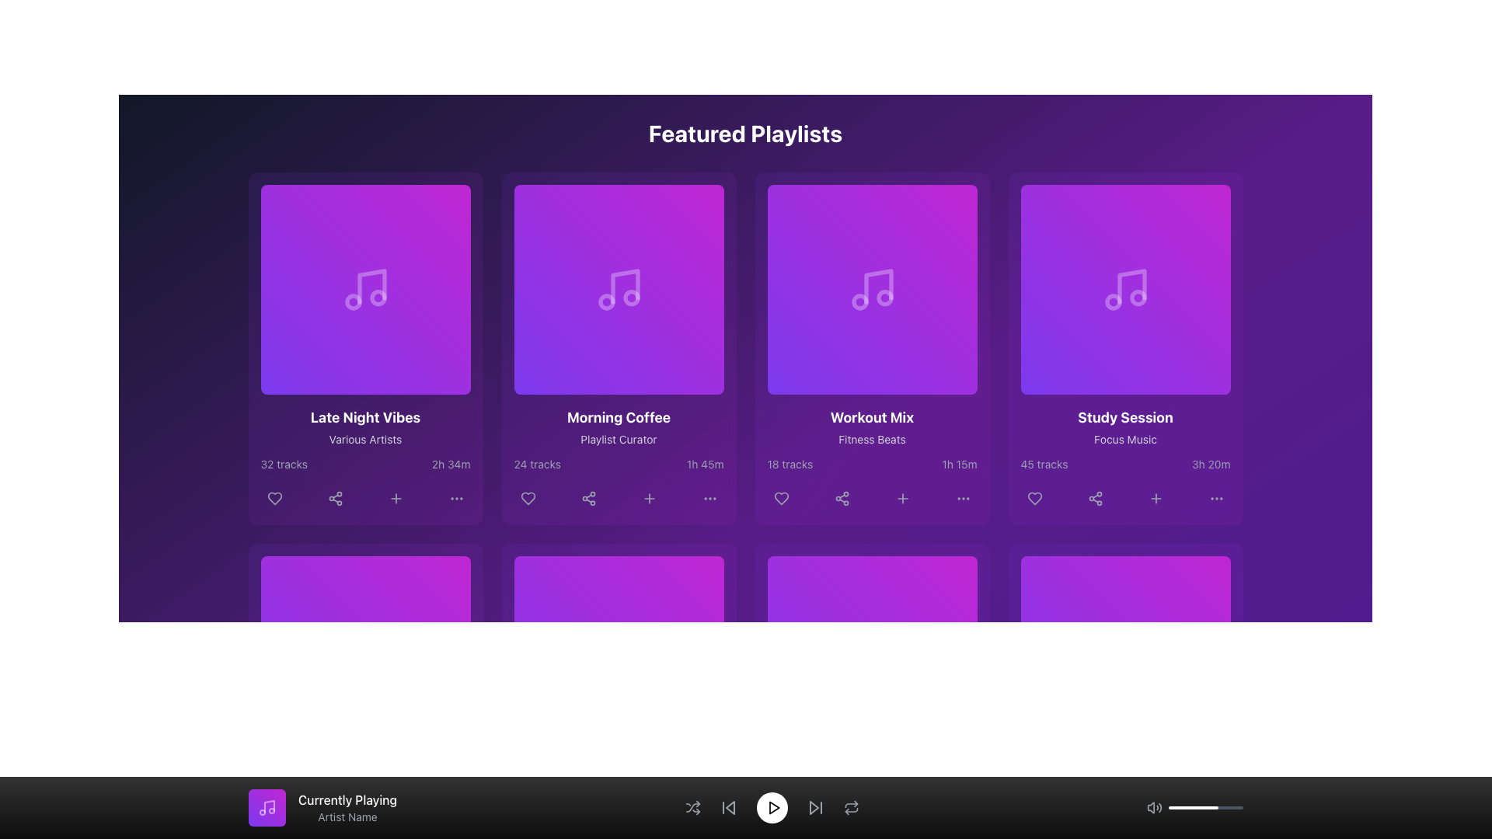 Image resolution: width=1492 pixels, height=839 pixels. Describe the element at coordinates (744, 133) in the screenshot. I see `text header located at the top of the section, which introduces the featured playlists below it to understand the section's purpose` at that location.